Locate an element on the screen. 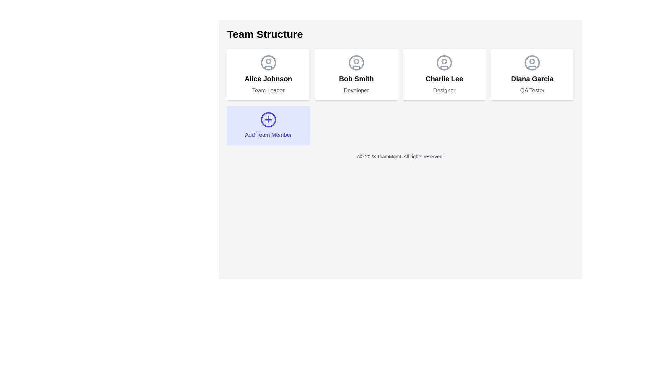  the circular icon with a gray border and transparent interior located above the label 'Alice Johnson' in the upper-left card of the 'Team Structure' layout is located at coordinates (268, 63).